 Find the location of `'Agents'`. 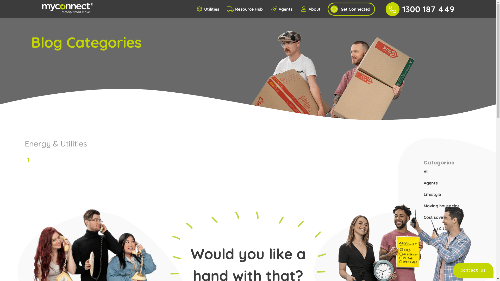

'Agents' is located at coordinates (282, 9).